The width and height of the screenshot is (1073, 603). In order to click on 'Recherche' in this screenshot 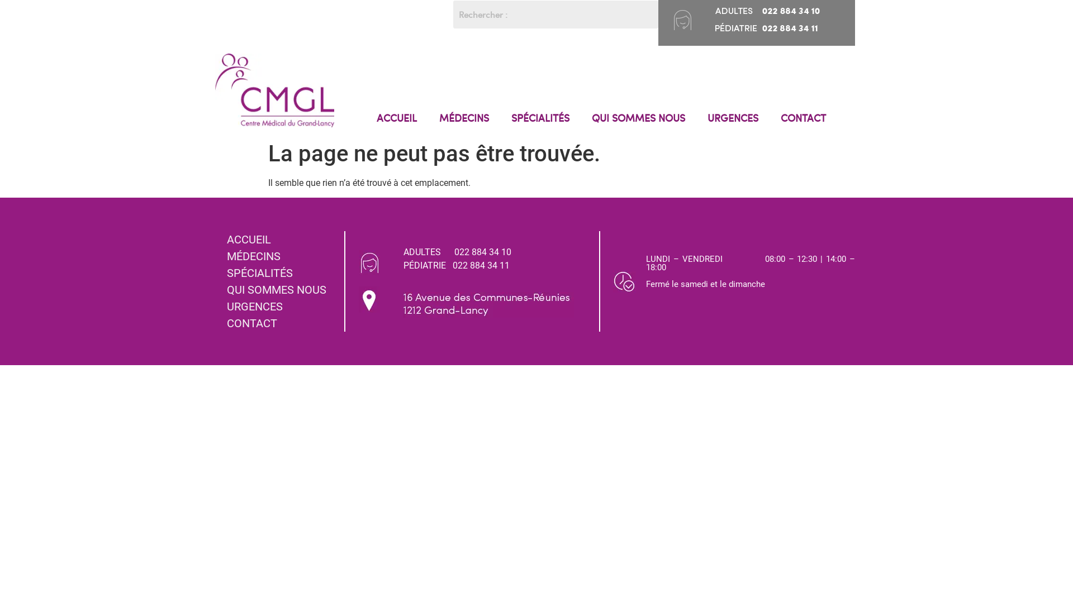, I will do `click(556, 15)`.